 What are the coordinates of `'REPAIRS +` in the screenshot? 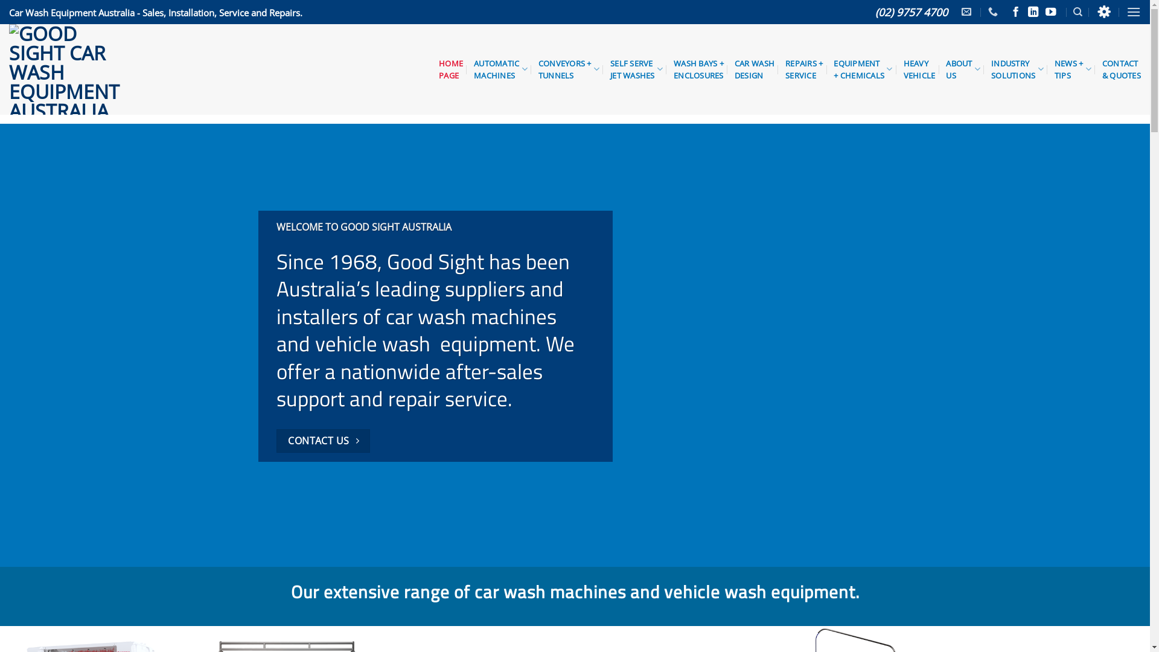 It's located at (803, 69).